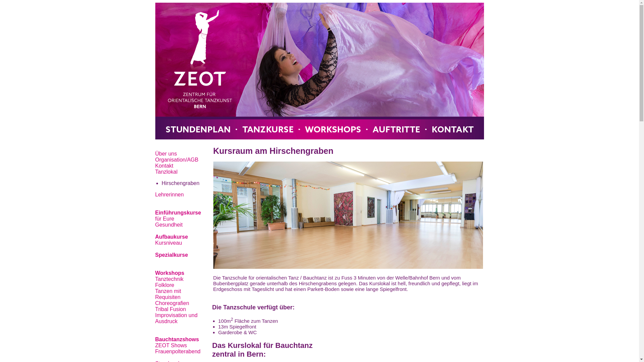  What do you see at coordinates (164, 285) in the screenshot?
I see `'Folklore'` at bounding box center [164, 285].